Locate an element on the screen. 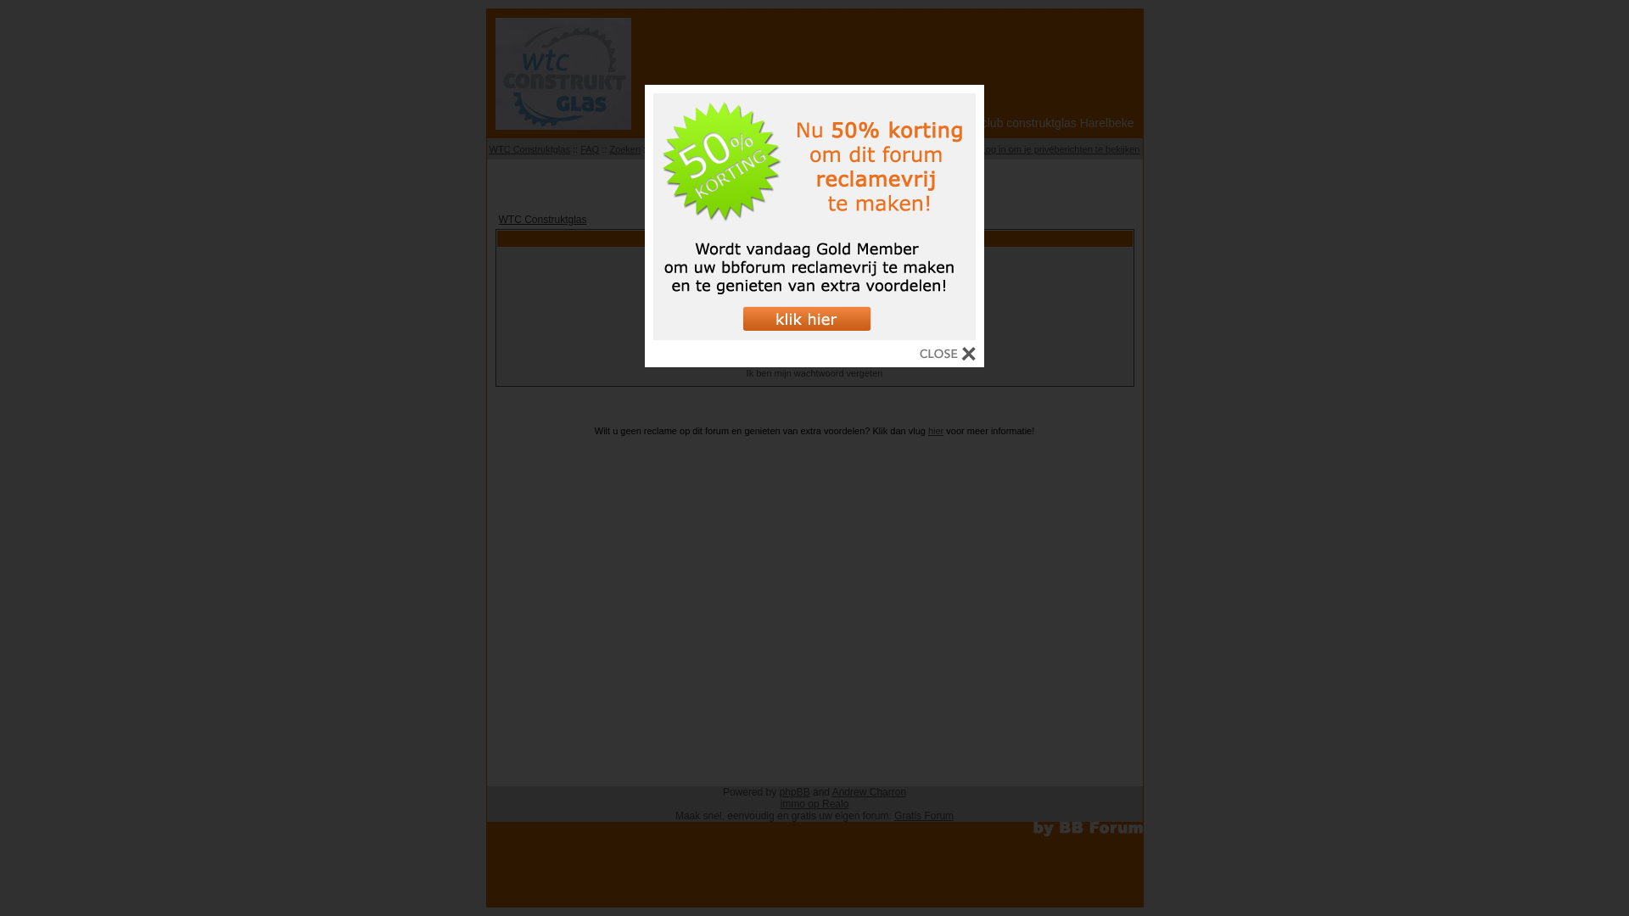 The width and height of the screenshot is (1629, 916). 'Gratis Forum' is located at coordinates (923, 814).